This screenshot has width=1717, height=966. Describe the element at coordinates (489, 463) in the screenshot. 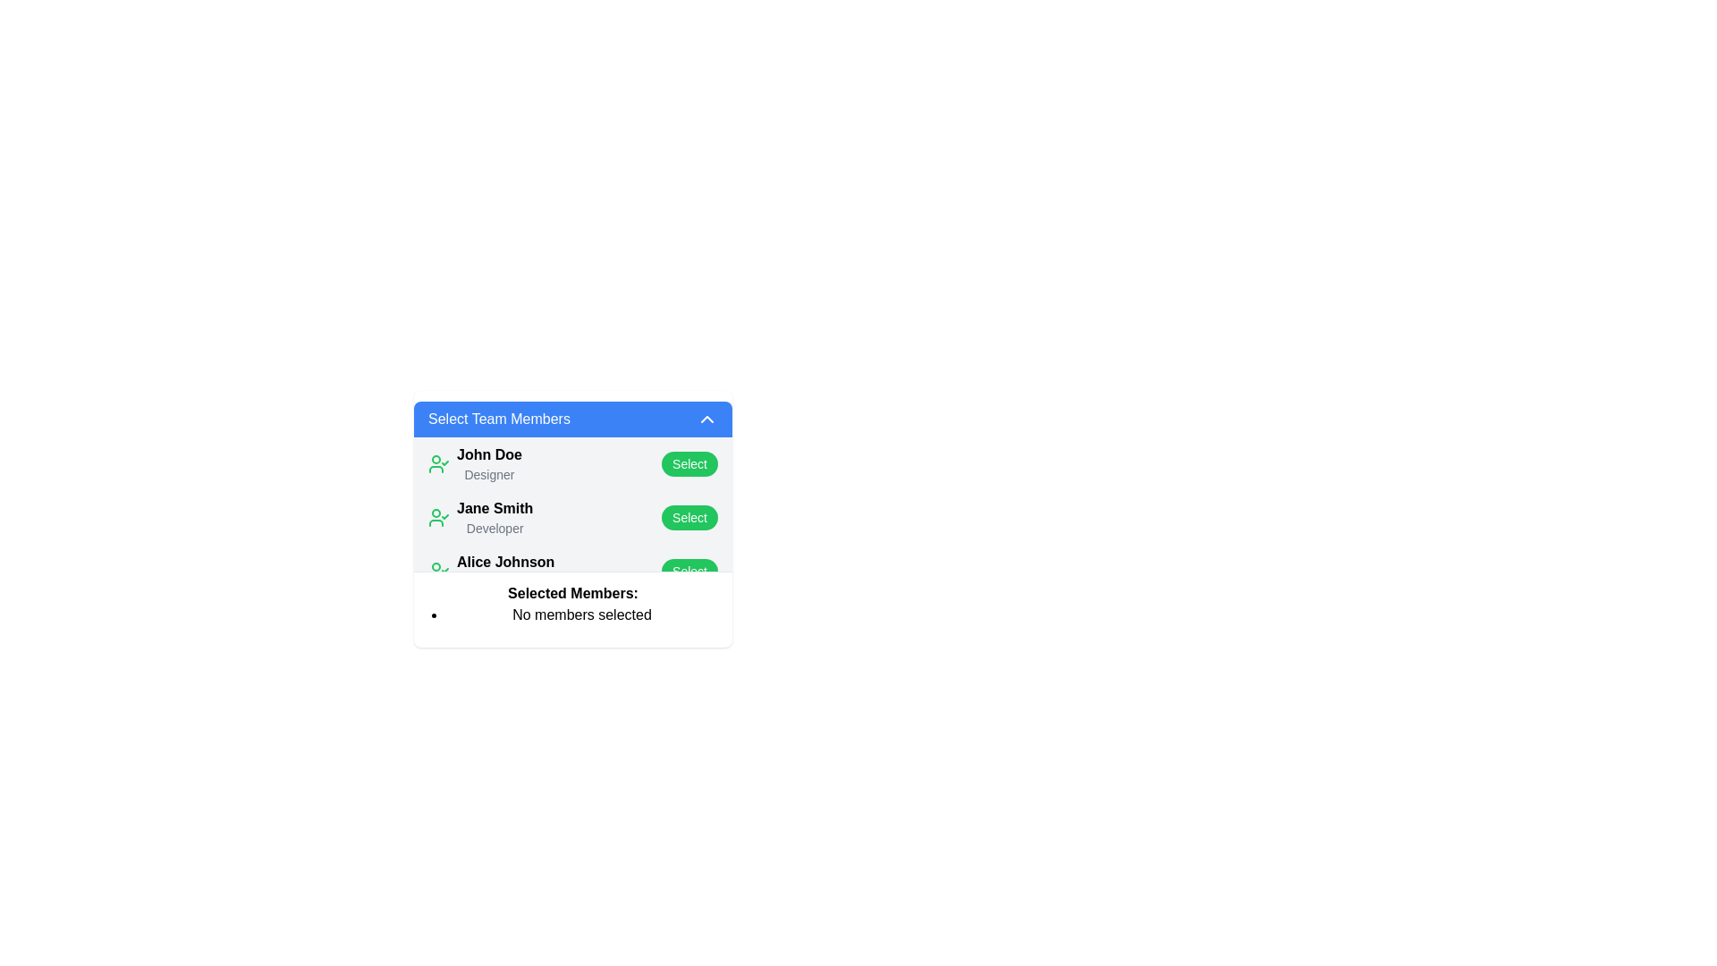

I see `the content of the Text Label displaying the name and role of a team member, which is the first entry in the 'Select Team Members' list, located near the top of the interface` at that location.